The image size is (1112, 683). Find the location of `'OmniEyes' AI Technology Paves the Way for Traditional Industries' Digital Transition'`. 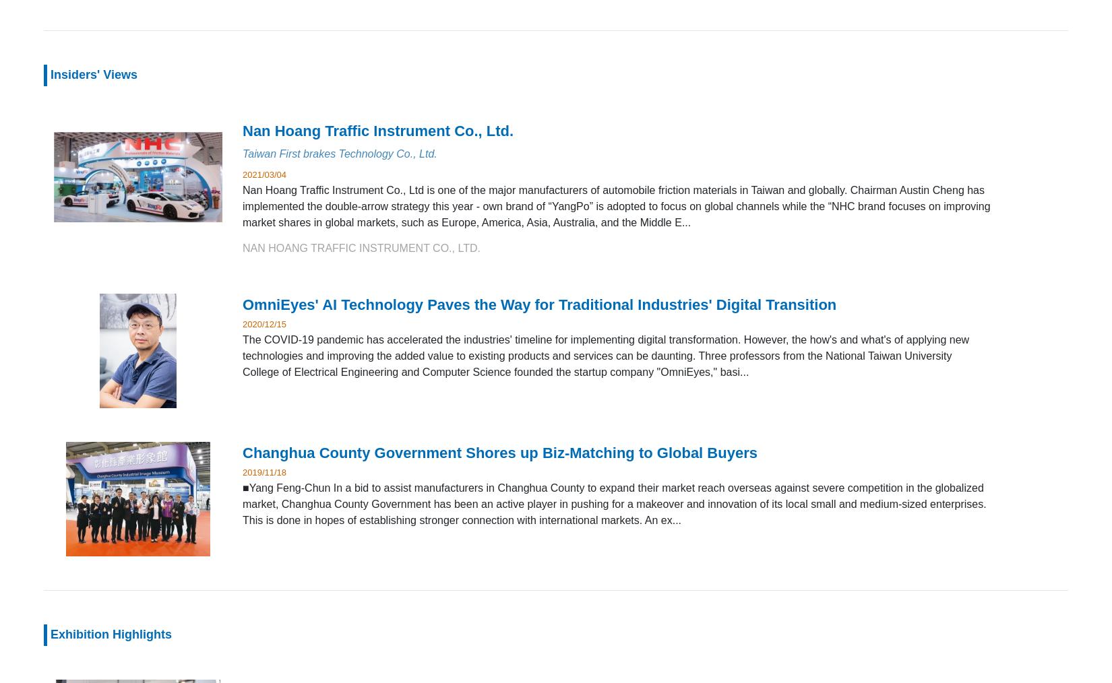

'OmniEyes' AI Technology Paves the Way for Traditional Industries' Digital Transition' is located at coordinates (243, 304).